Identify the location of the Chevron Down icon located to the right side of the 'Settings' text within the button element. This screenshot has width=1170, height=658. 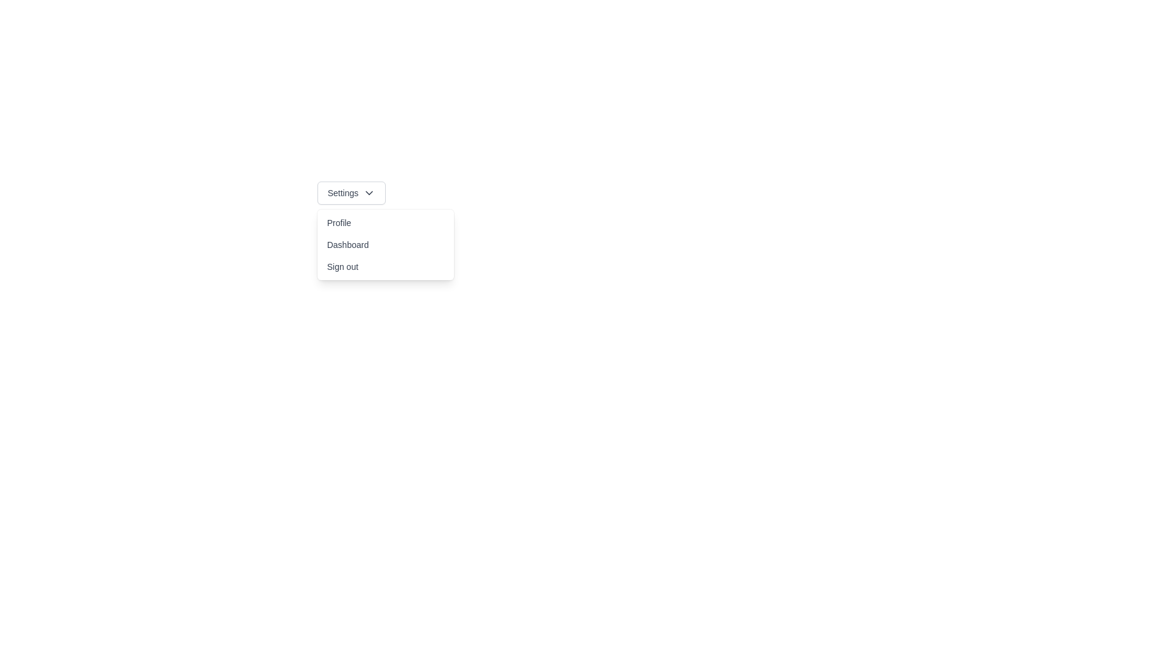
(369, 192).